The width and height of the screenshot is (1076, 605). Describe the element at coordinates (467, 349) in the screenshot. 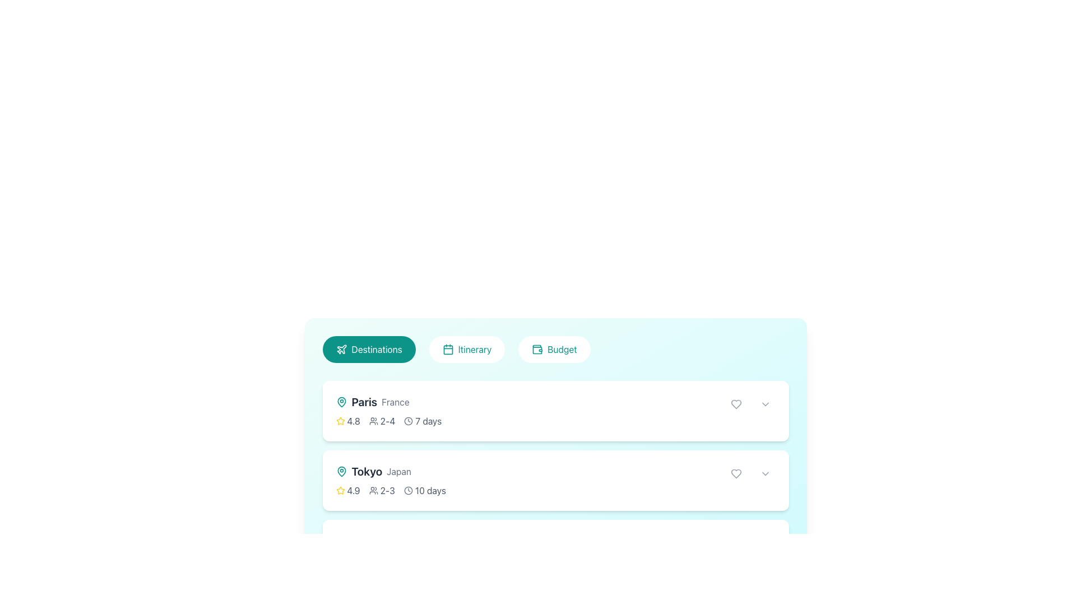

I see `the 'Itinerary' button, which is a rounded rectangular button with a white background and teal text, located centrally at the top of the interface between the 'Destinations' and 'Budget' buttons` at that location.